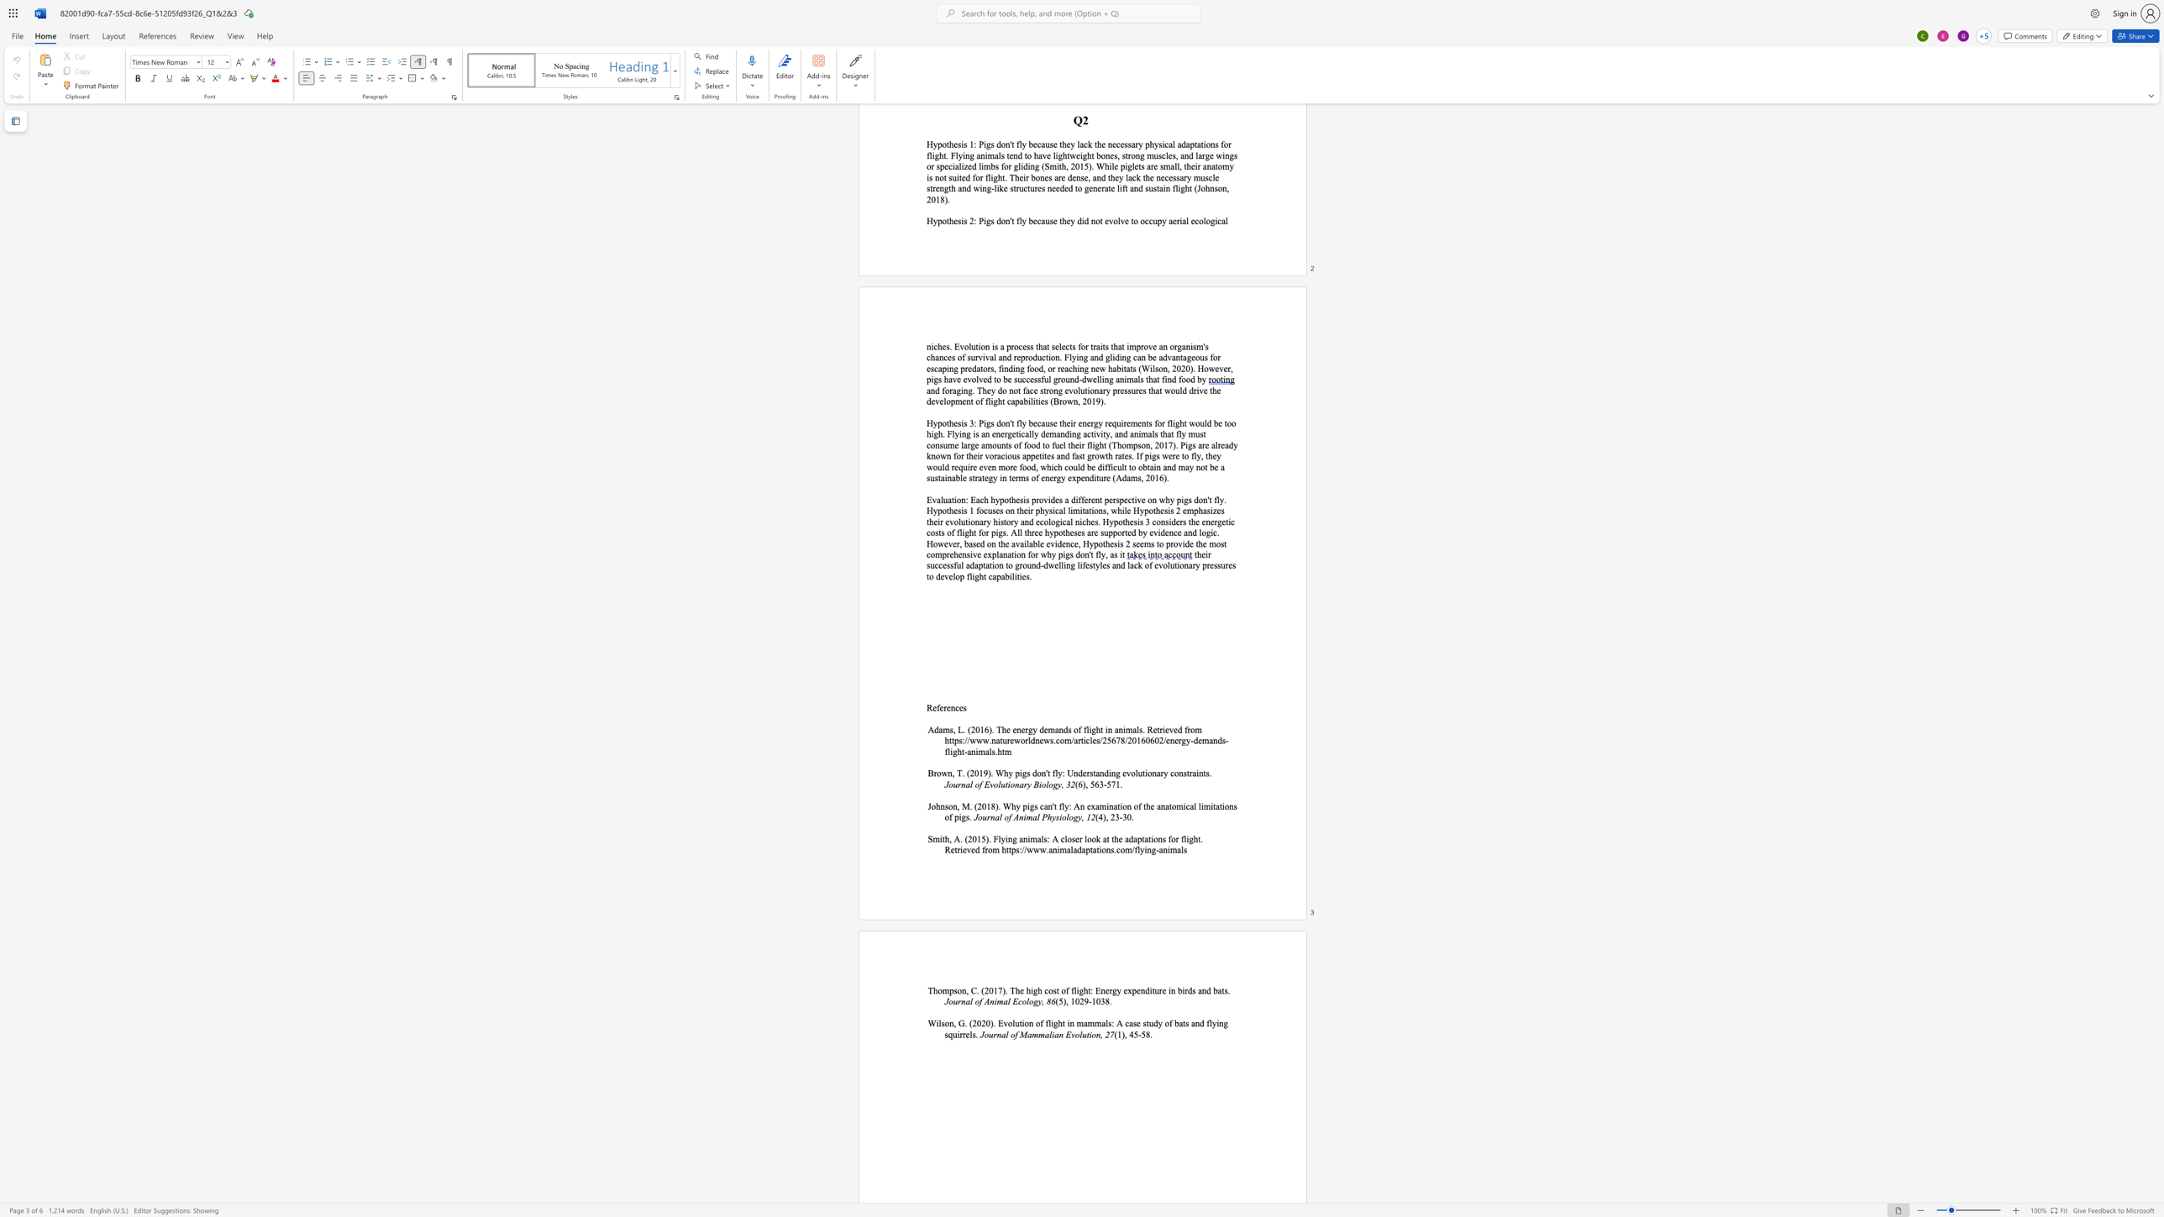 The width and height of the screenshot is (2164, 1217). I want to click on the 1th character "e" in the text, so click(934, 707).